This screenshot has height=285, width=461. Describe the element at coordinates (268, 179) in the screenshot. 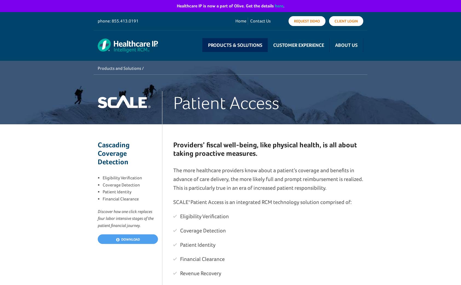

I see `'The more healthcare providers know about a patient’s coverage and benefits in advance of care delivery, the more likely full and prompt reimbursement is realized. This is particularly true in an era of increased patient responsibility.'` at that location.